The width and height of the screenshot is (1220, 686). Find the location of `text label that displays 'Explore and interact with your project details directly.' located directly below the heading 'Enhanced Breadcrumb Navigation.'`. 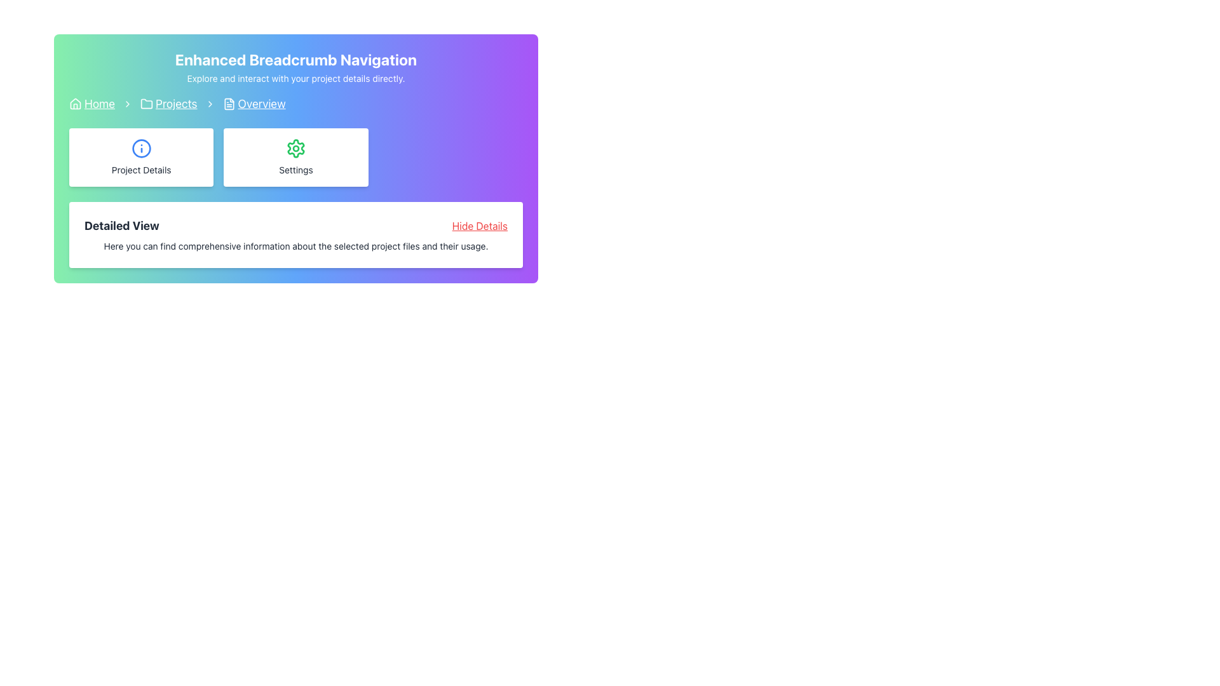

text label that displays 'Explore and interact with your project details directly.' located directly below the heading 'Enhanced Breadcrumb Navigation.' is located at coordinates (295, 78).